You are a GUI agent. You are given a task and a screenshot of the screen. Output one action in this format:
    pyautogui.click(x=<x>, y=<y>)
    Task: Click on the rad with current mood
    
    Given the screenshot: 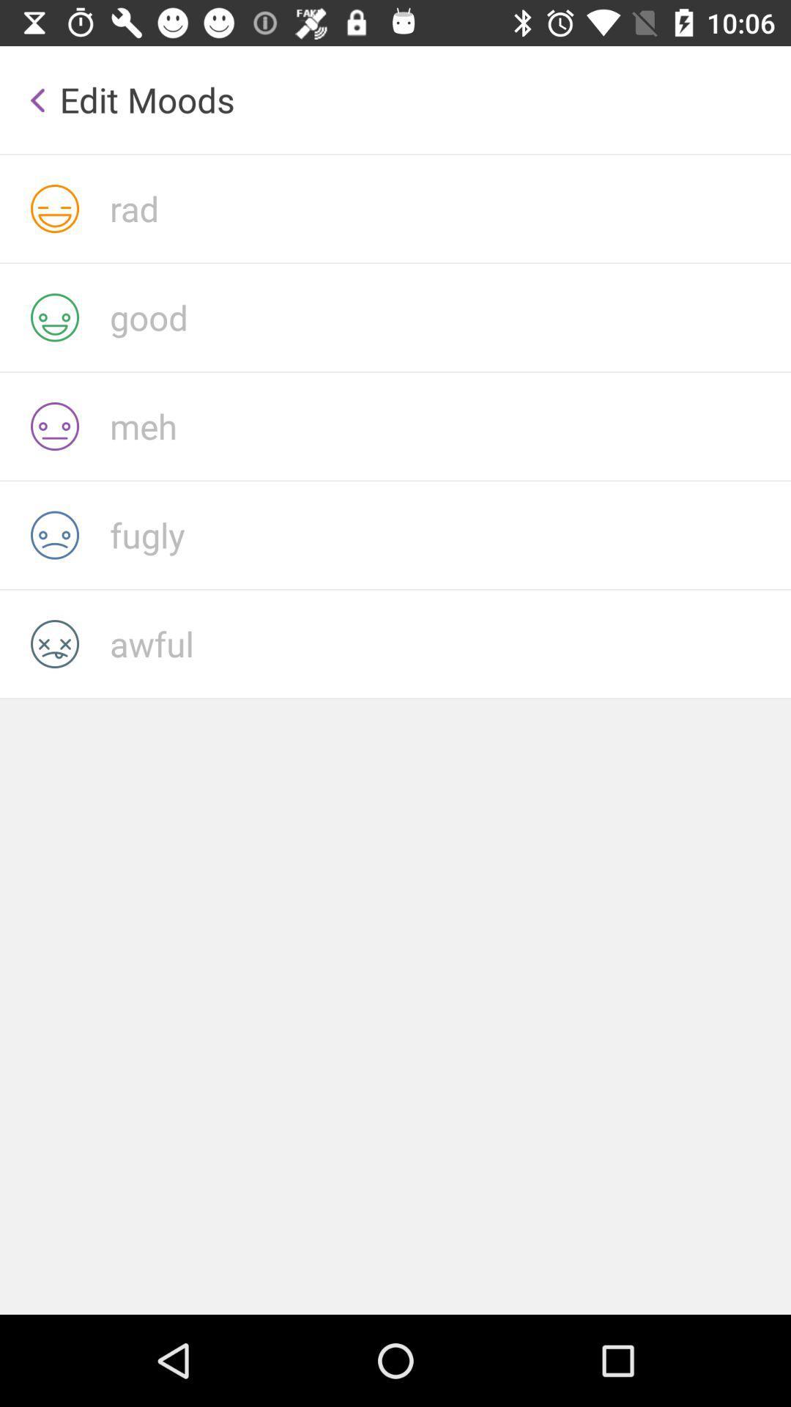 What is the action you would take?
    pyautogui.click(x=449, y=207)
    